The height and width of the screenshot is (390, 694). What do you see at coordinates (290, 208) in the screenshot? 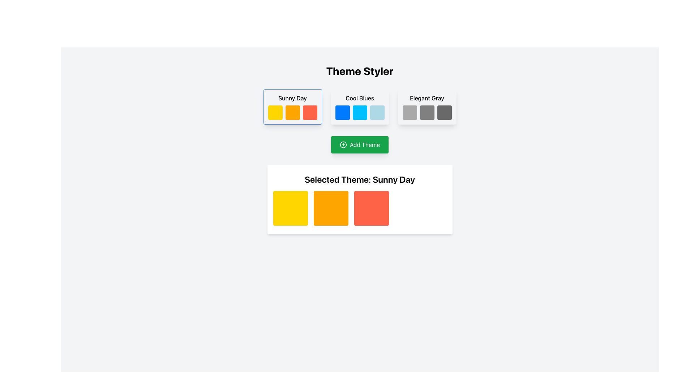
I see `the leftmost bright yellow colored block with rounded borders in the 'Selected Theme: Sunny Day' section` at bounding box center [290, 208].